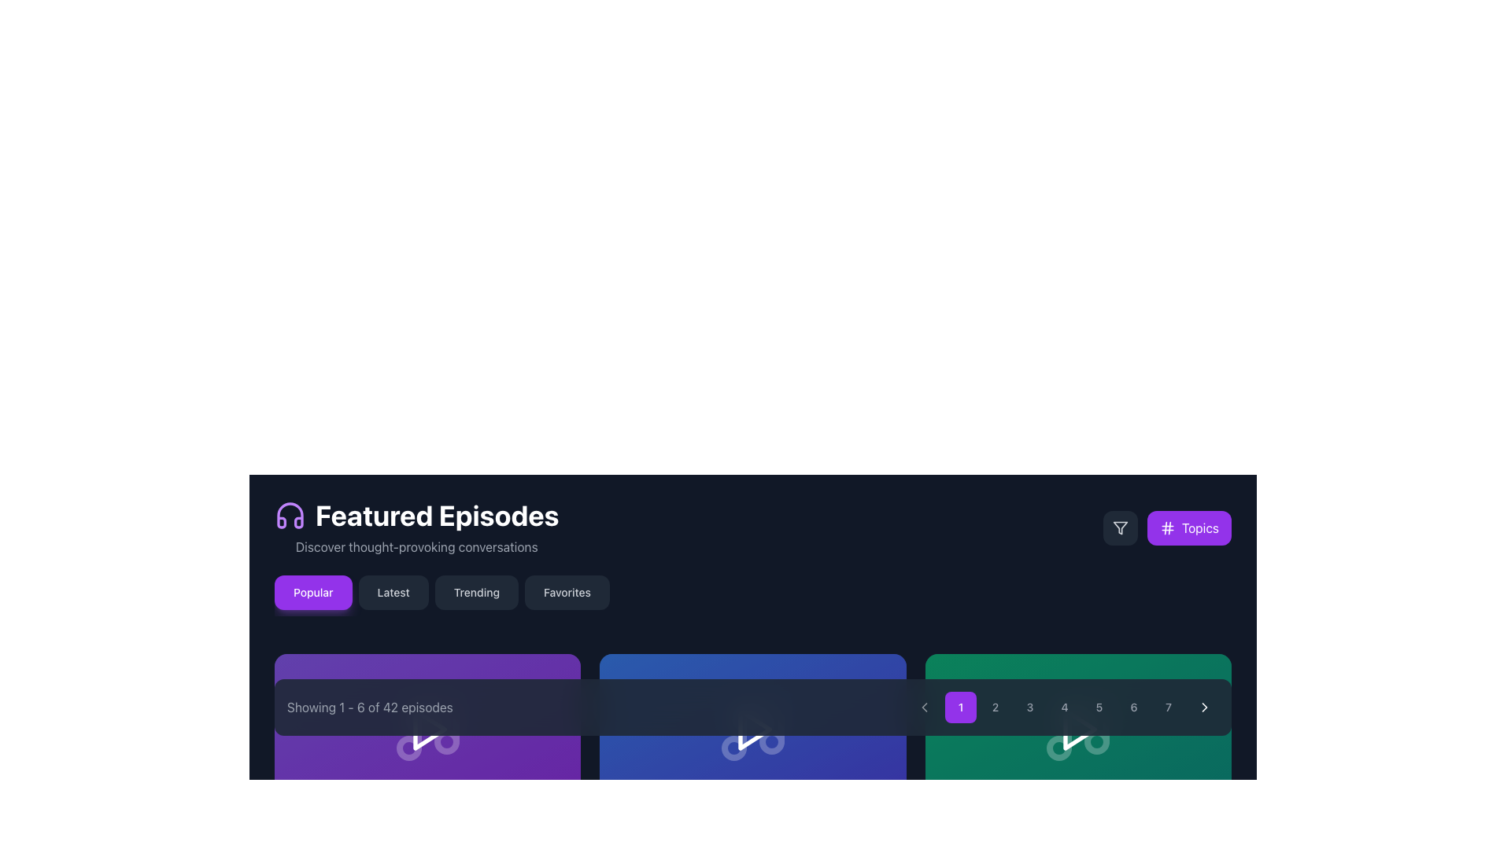  What do you see at coordinates (925, 706) in the screenshot?
I see `the pagination control icon located to the left of the button labeled '1', which allows users to navigate to the previous set of items` at bounding box center [925, 706].